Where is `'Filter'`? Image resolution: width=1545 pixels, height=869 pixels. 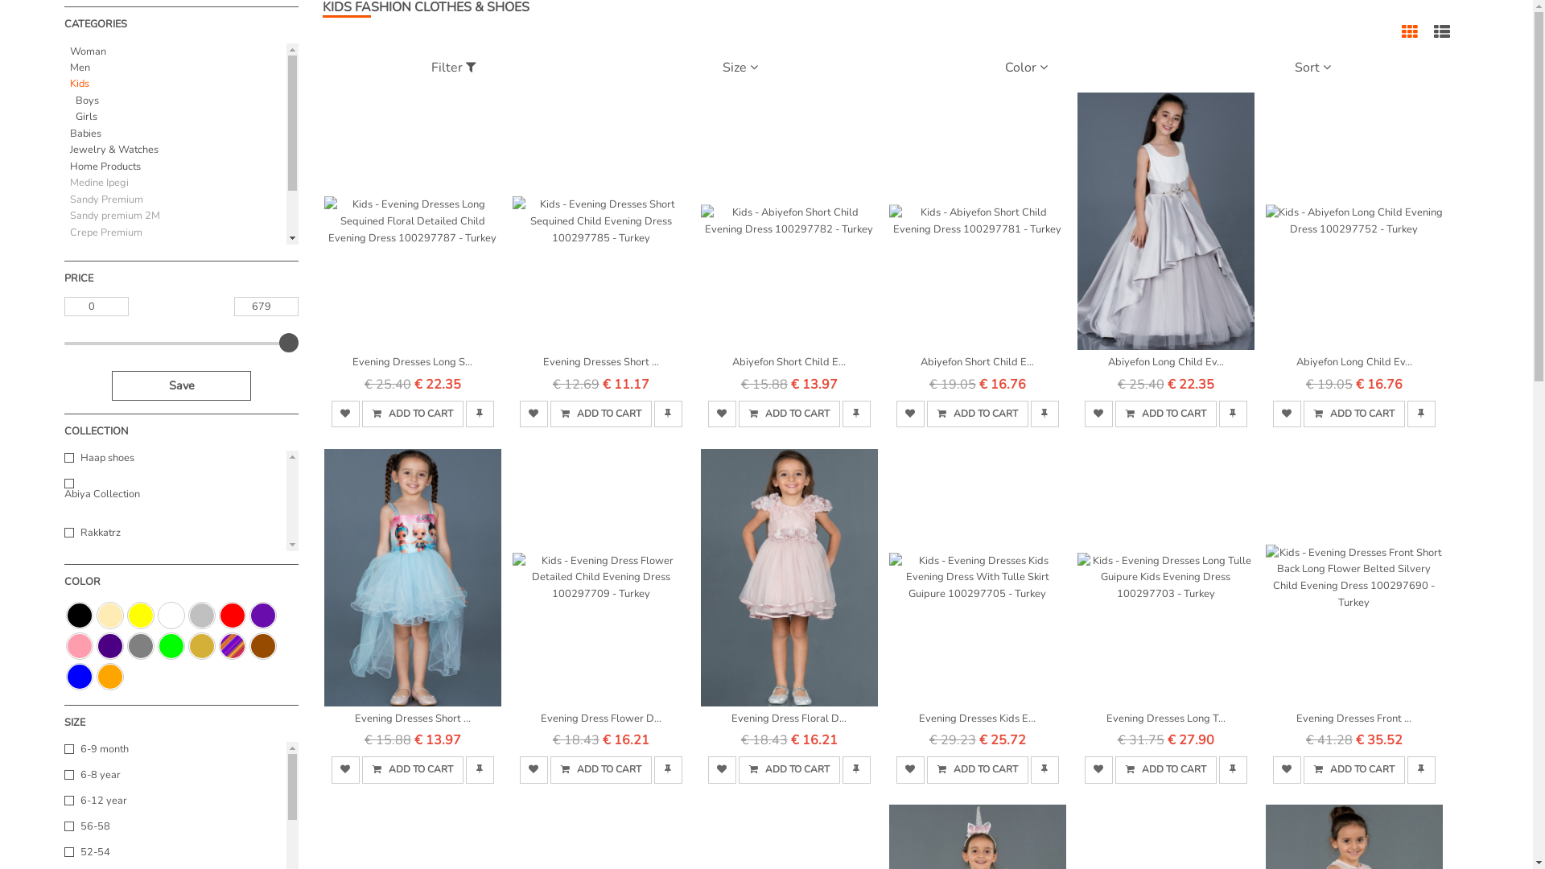
'Filter' is located at coordinates (453, 67).